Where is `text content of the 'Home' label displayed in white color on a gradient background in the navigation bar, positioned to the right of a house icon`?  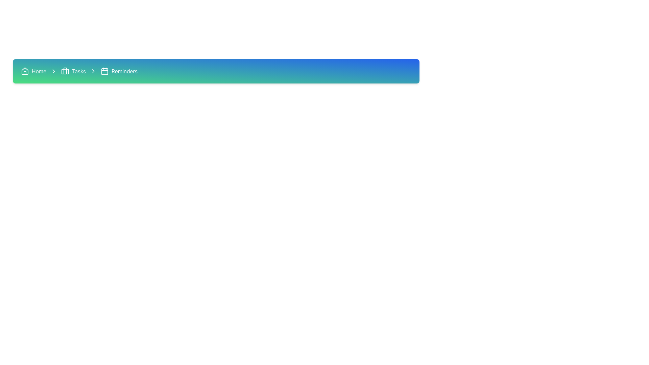
text content of the 'Home' label displayed in white color on a gradient background in the navigation bar, positioned to the right of a house icon is located at coordinates (39, 71).